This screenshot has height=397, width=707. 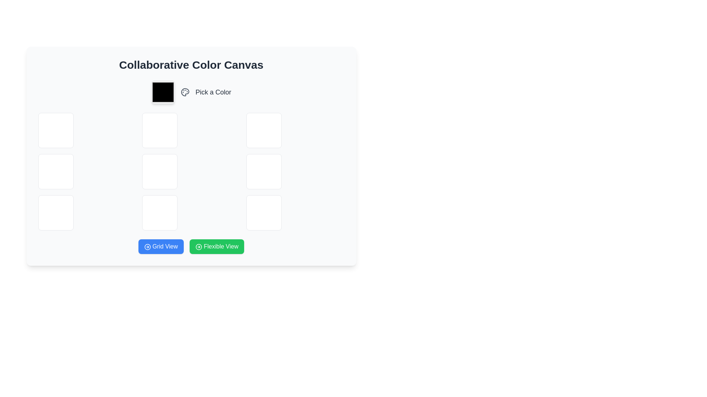 What do you see at coordinates (185, 92) in the screenshot?
I see `the symbolic palette icon, which is located to the right of the black color box and aligned horizontally with the 'Pick a Color.' label` at bounding box center [185, 92].